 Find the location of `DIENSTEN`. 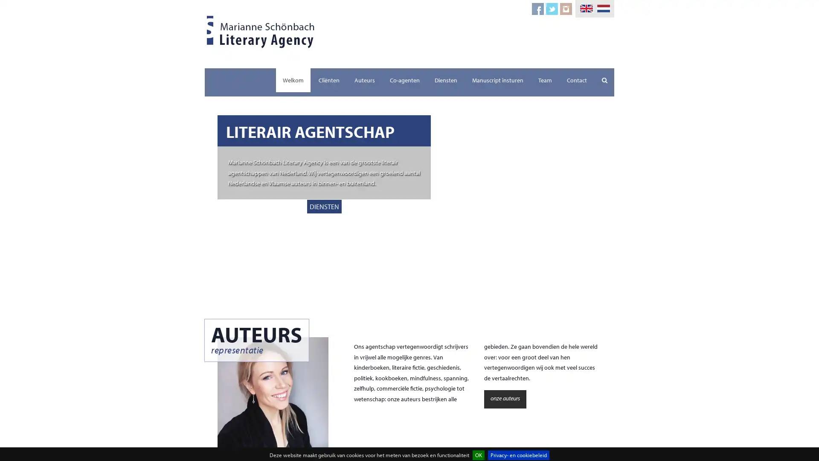

DIENSTEN is located at coordinates (323, 206).